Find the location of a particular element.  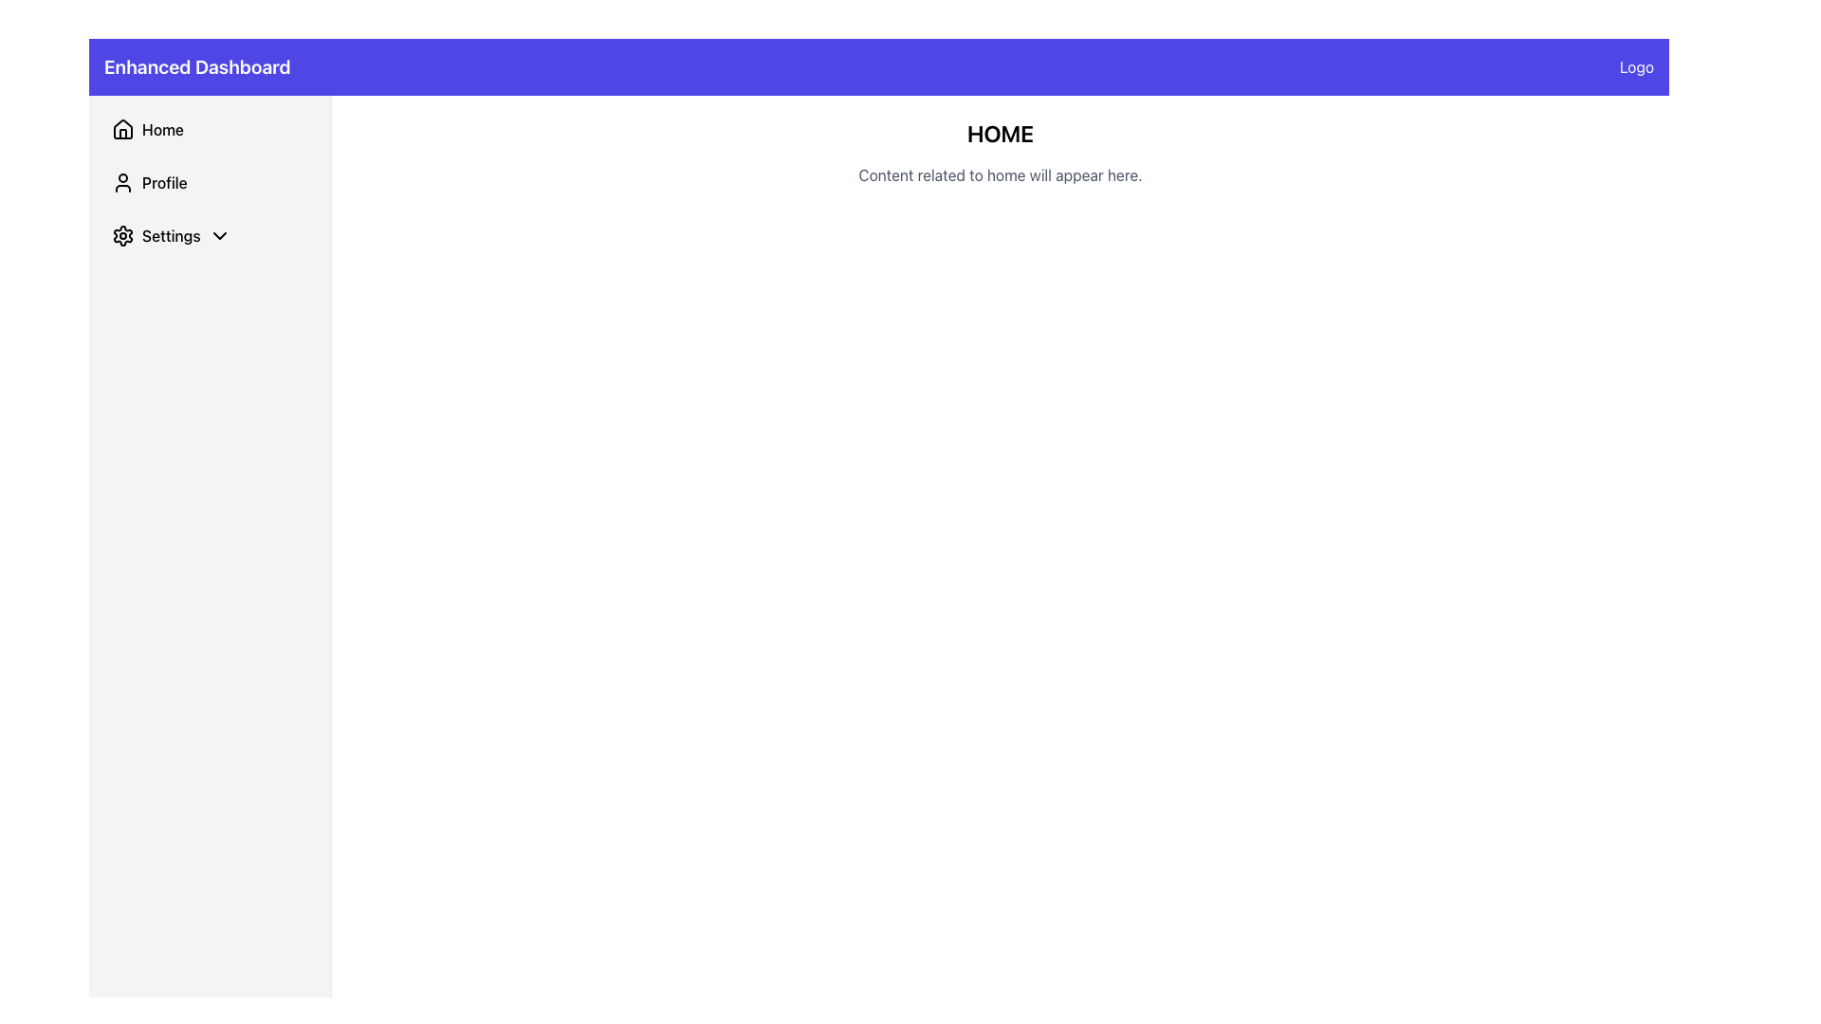

the cogwheel-shaped settings icon located on the left-hand navigation bar is located at coordinates (121, 235).